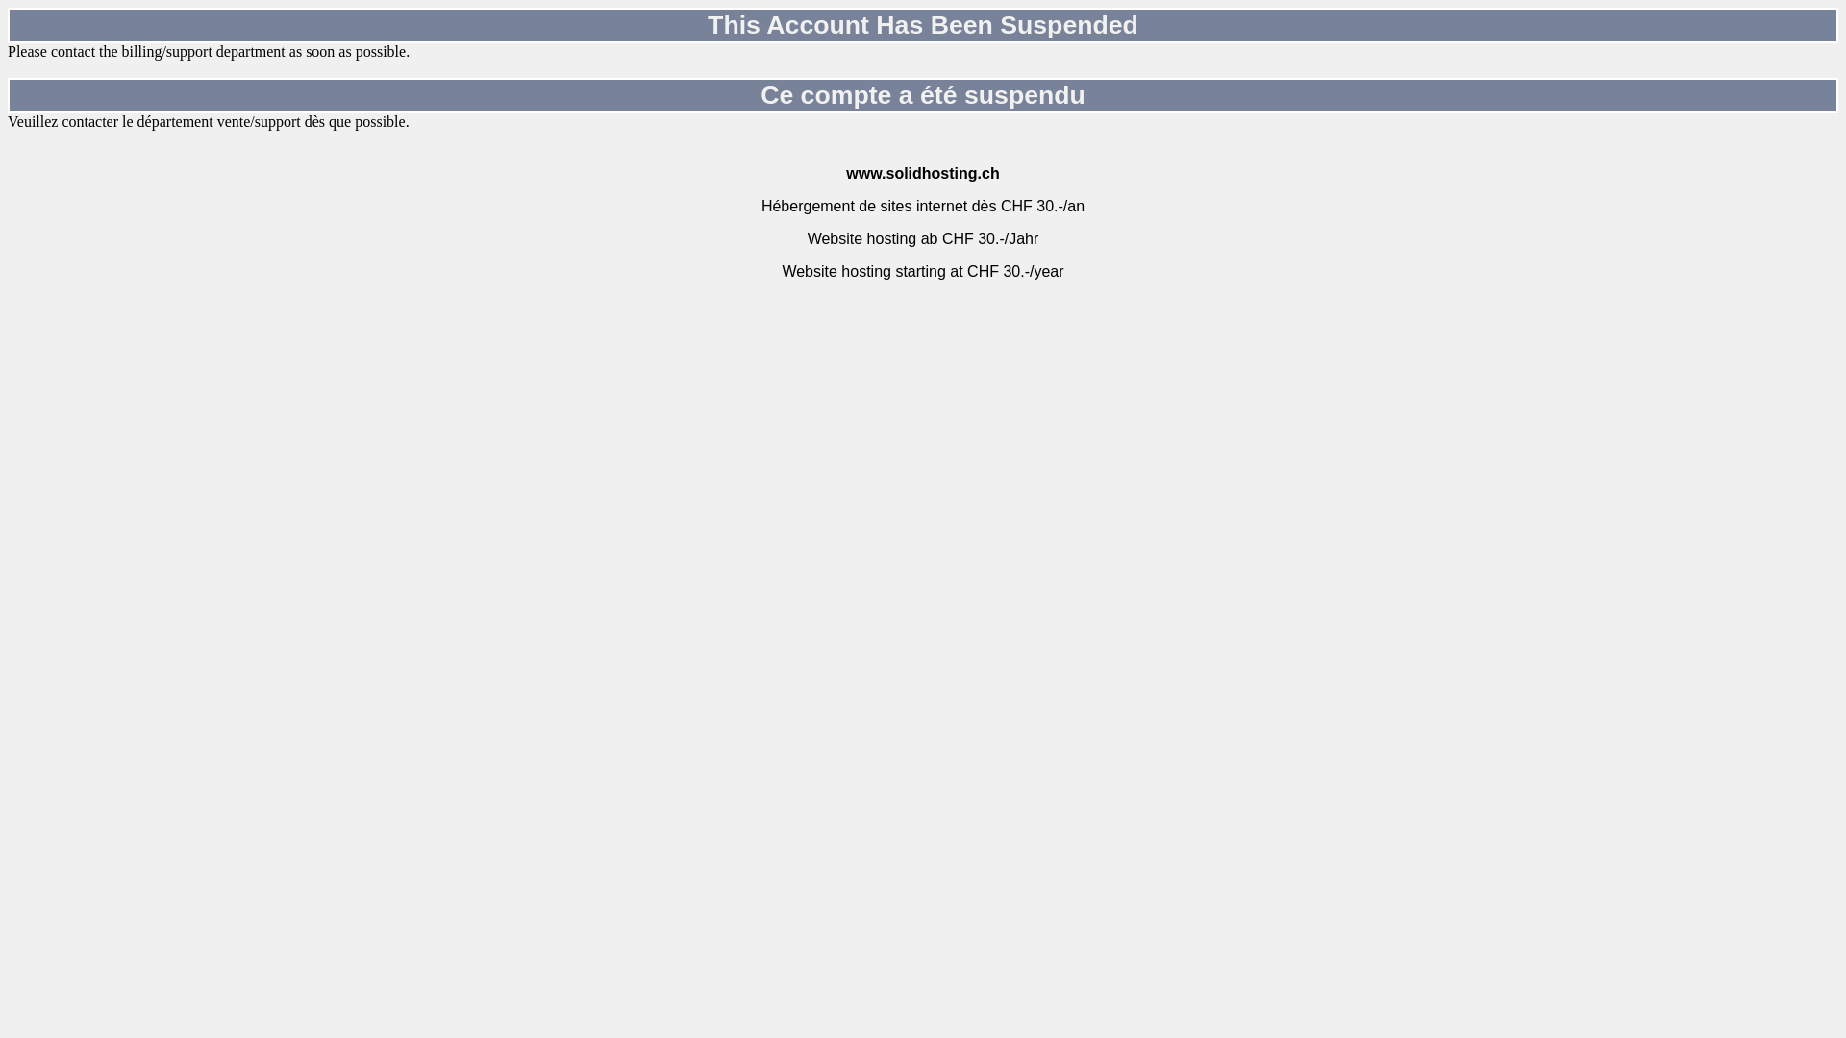 The height and width of the screenshot is (1038, 1846). What do you see at coordinates (921, 173) in the screenshot?
I see `'www.solidhosting.ch'` at bounding box center [921, 173].